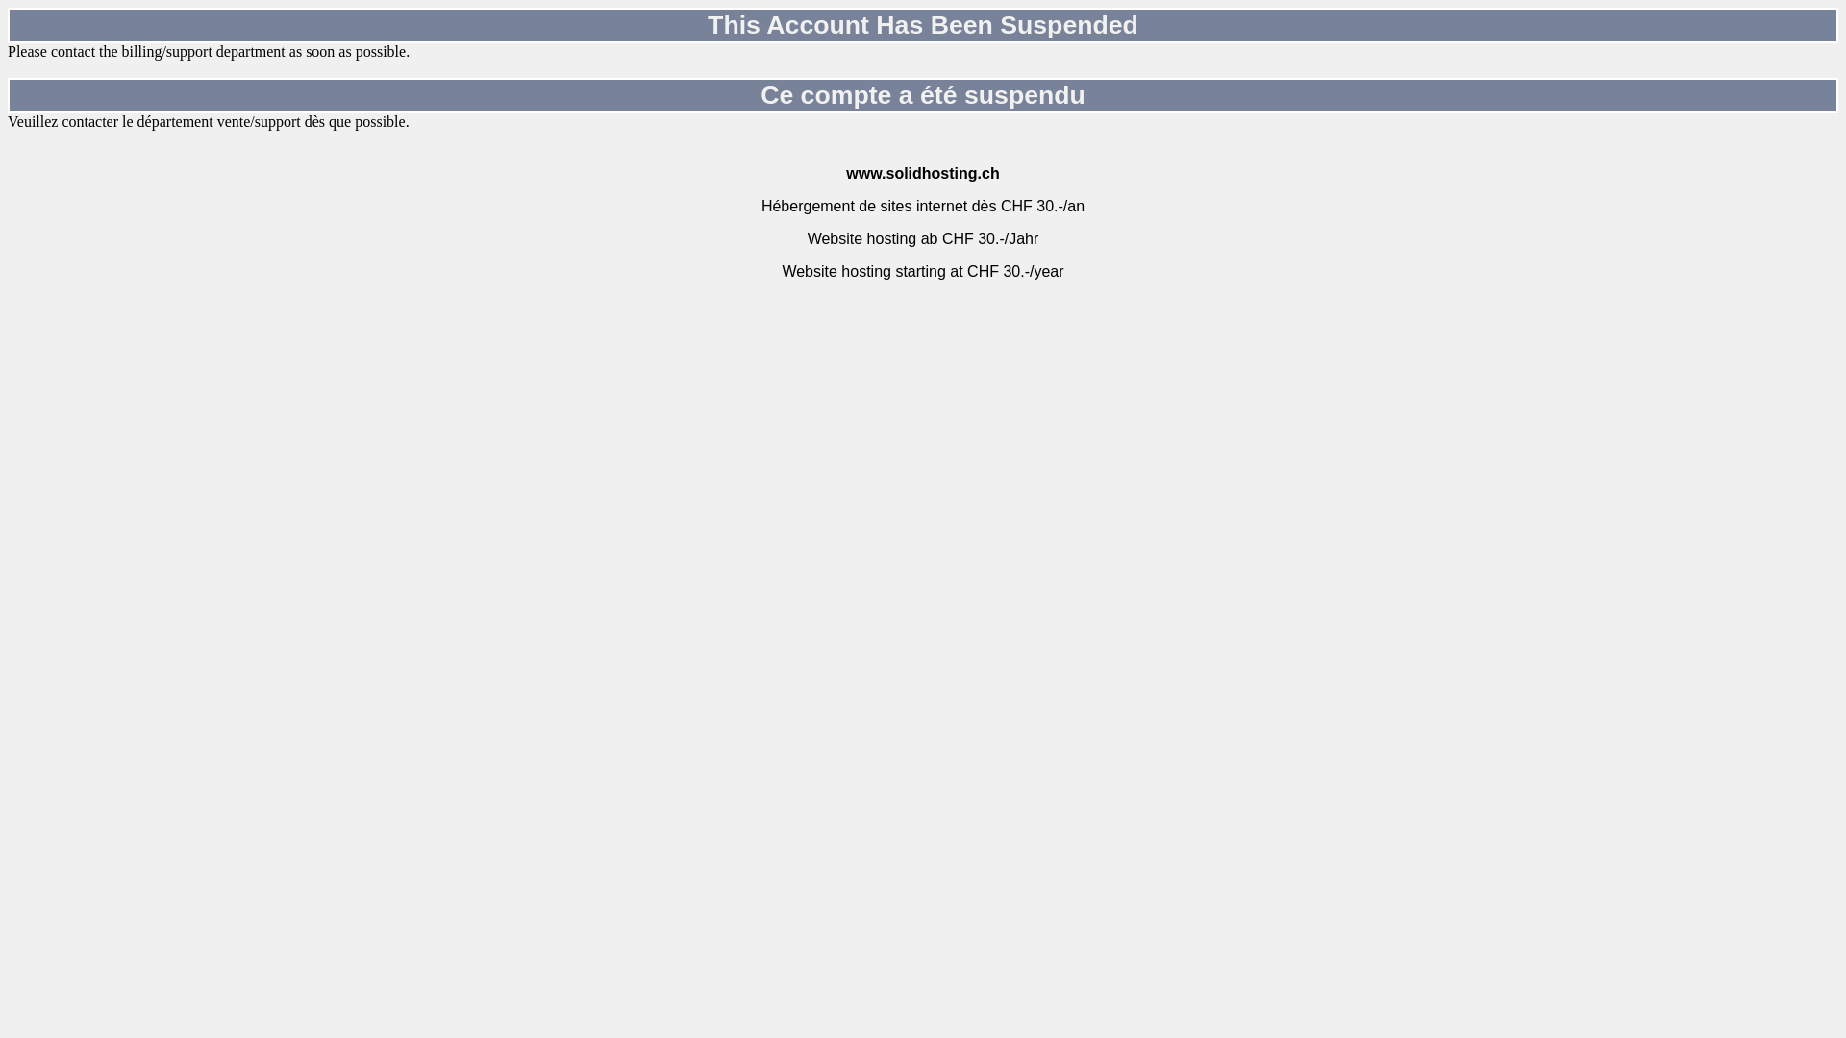 The height and width of the screenshot is (1038, 1846). What do you see at coordinates (921, 173) in the screenshot?
I see `'www.solidhosting.ch'` at bounding box center [921, 173].